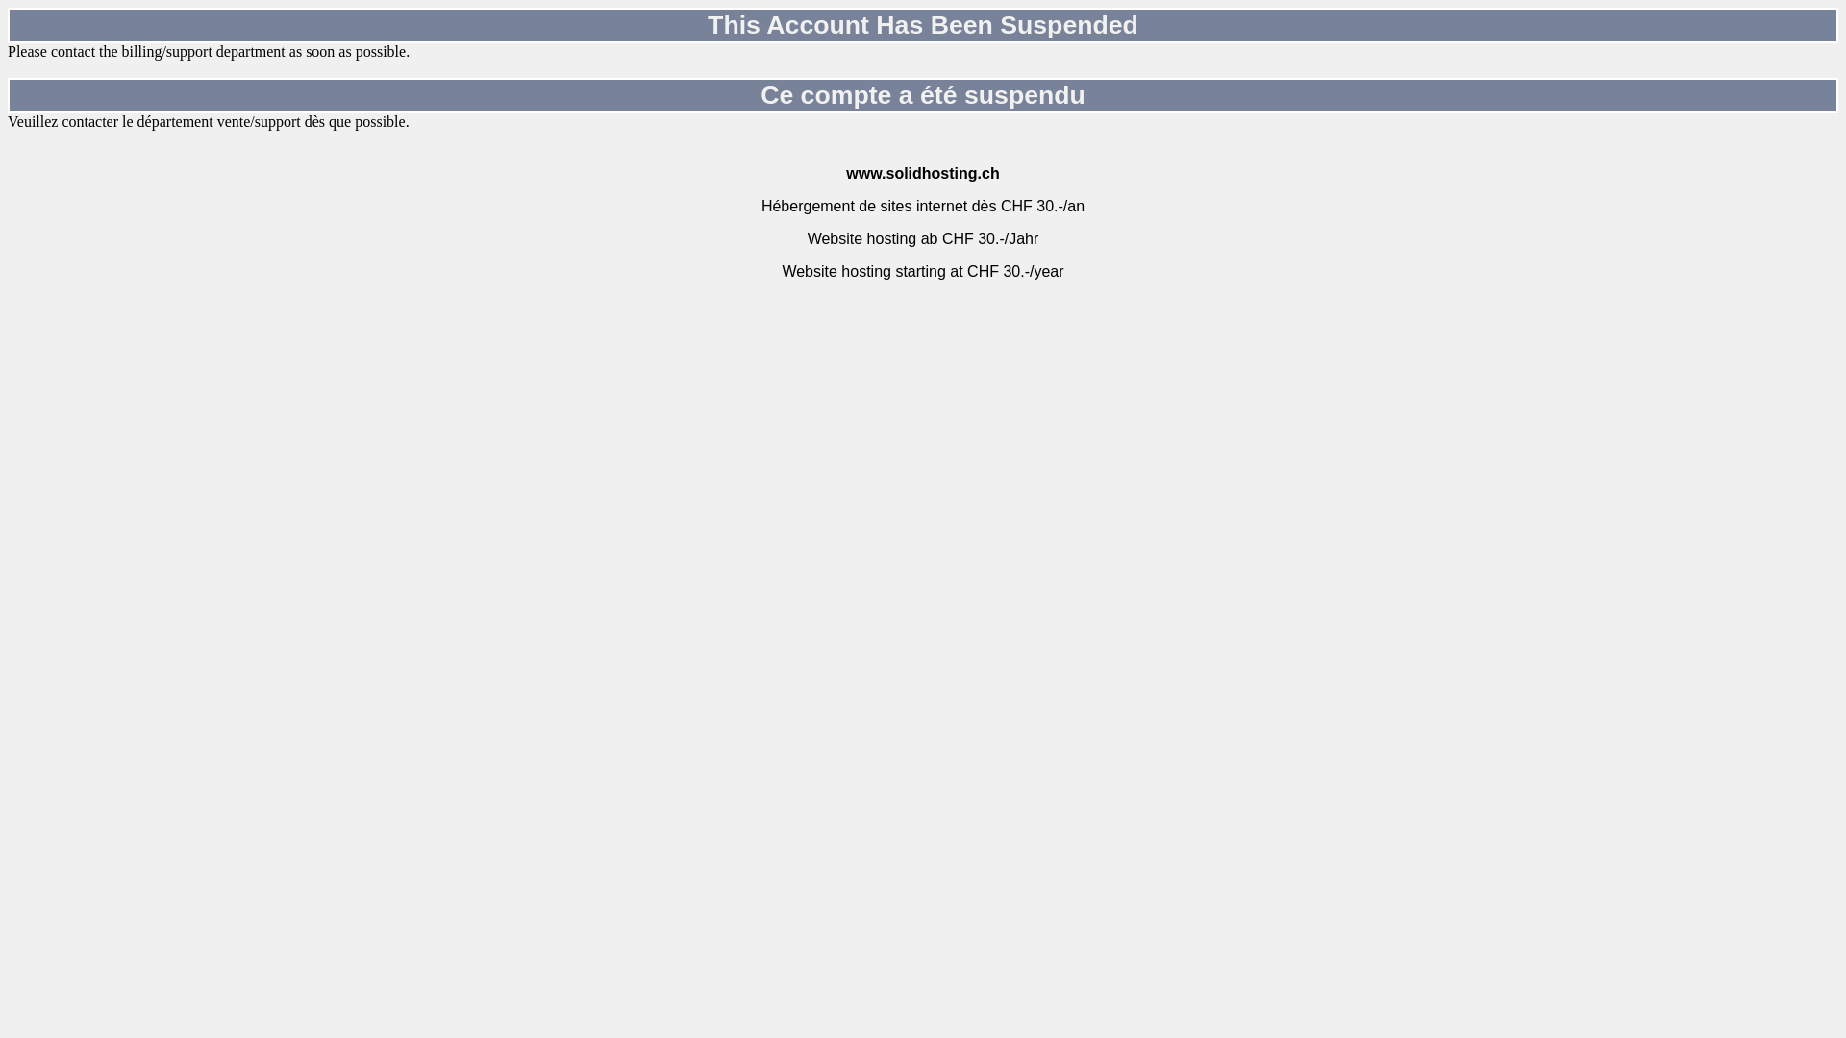 The height and width of the screenshot is (1038, 1846). What do you see at coordinates (921, 173) in the screenshot?
I see `'www.solidhosting.ch'` at bounding box center [921, 173].